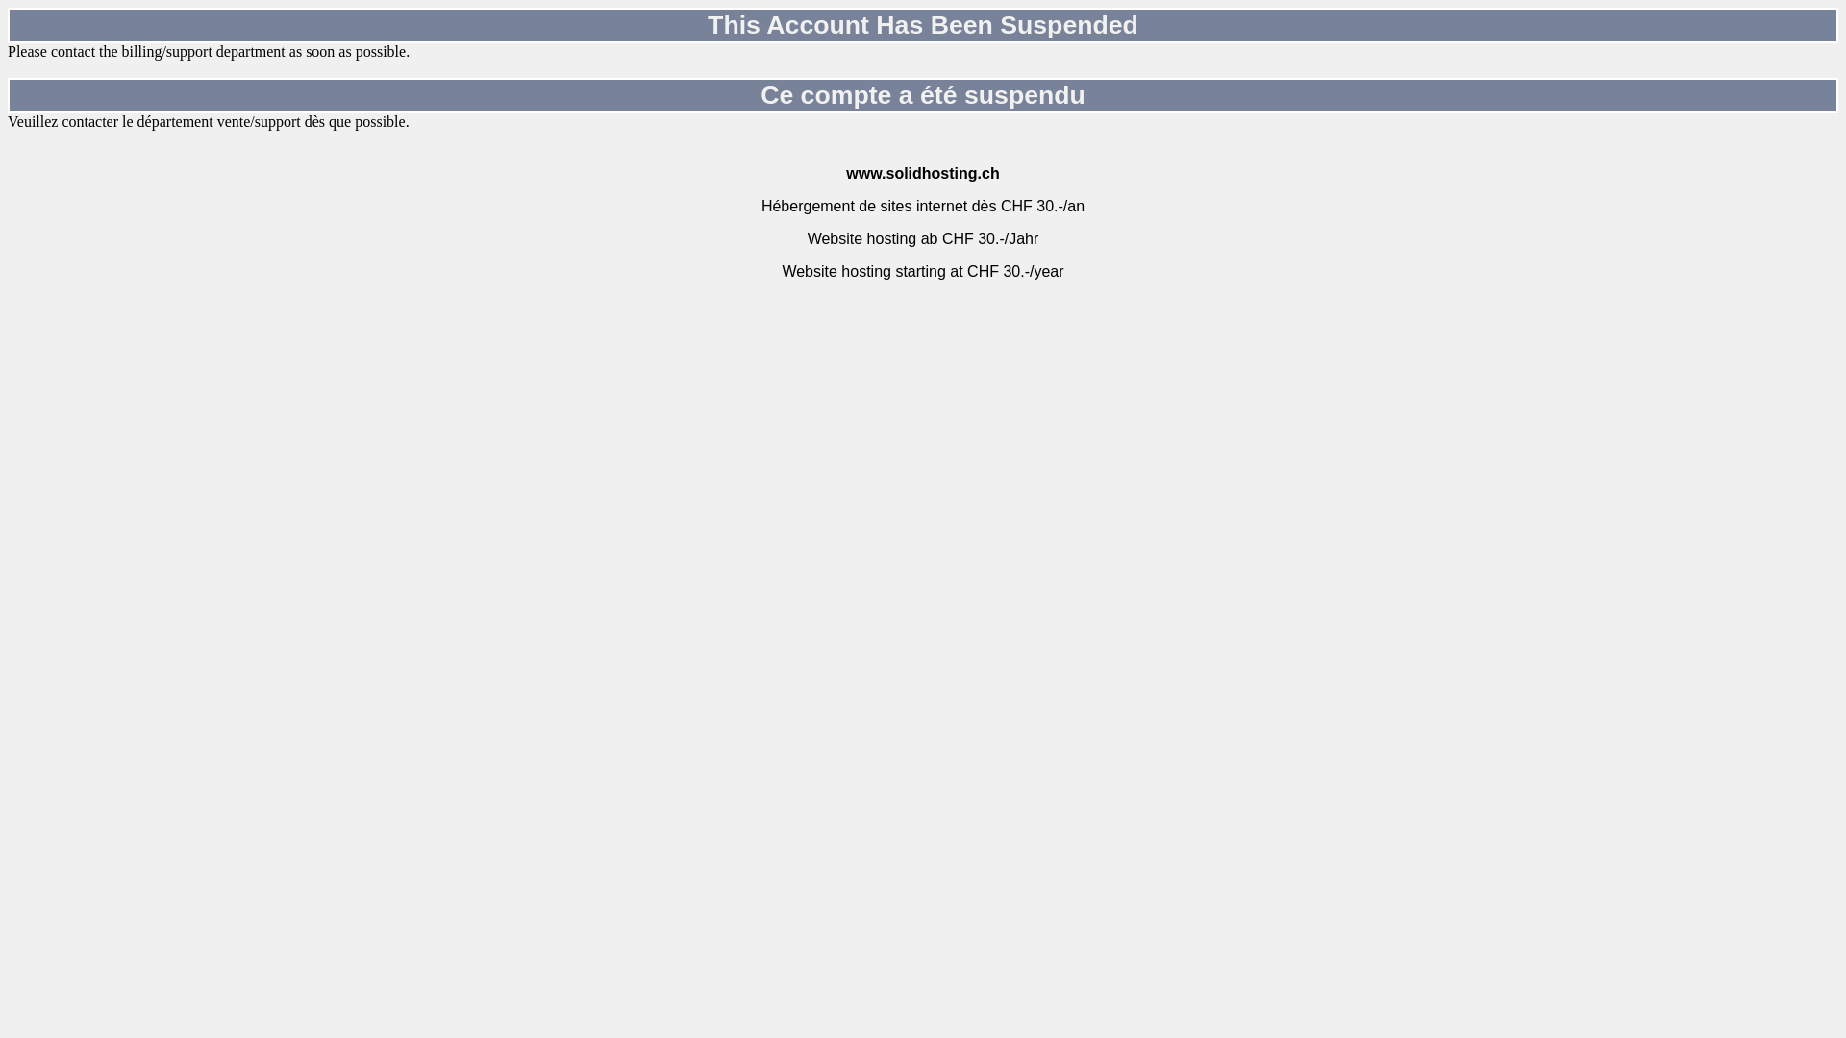 The height and width of the screenshot is (1038, 1846). What do you see at coordinates (921, 173) in the screenshot?
I see `'www.solidhosting.ch'` at bounding box center [921, 173].